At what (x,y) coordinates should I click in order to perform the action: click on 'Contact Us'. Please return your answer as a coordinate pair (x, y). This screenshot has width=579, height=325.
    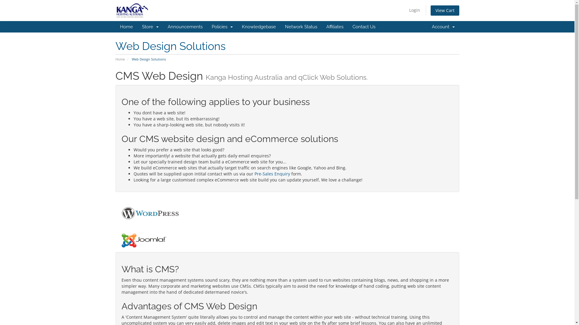
    Looking at the image, I should click on (363, 26).